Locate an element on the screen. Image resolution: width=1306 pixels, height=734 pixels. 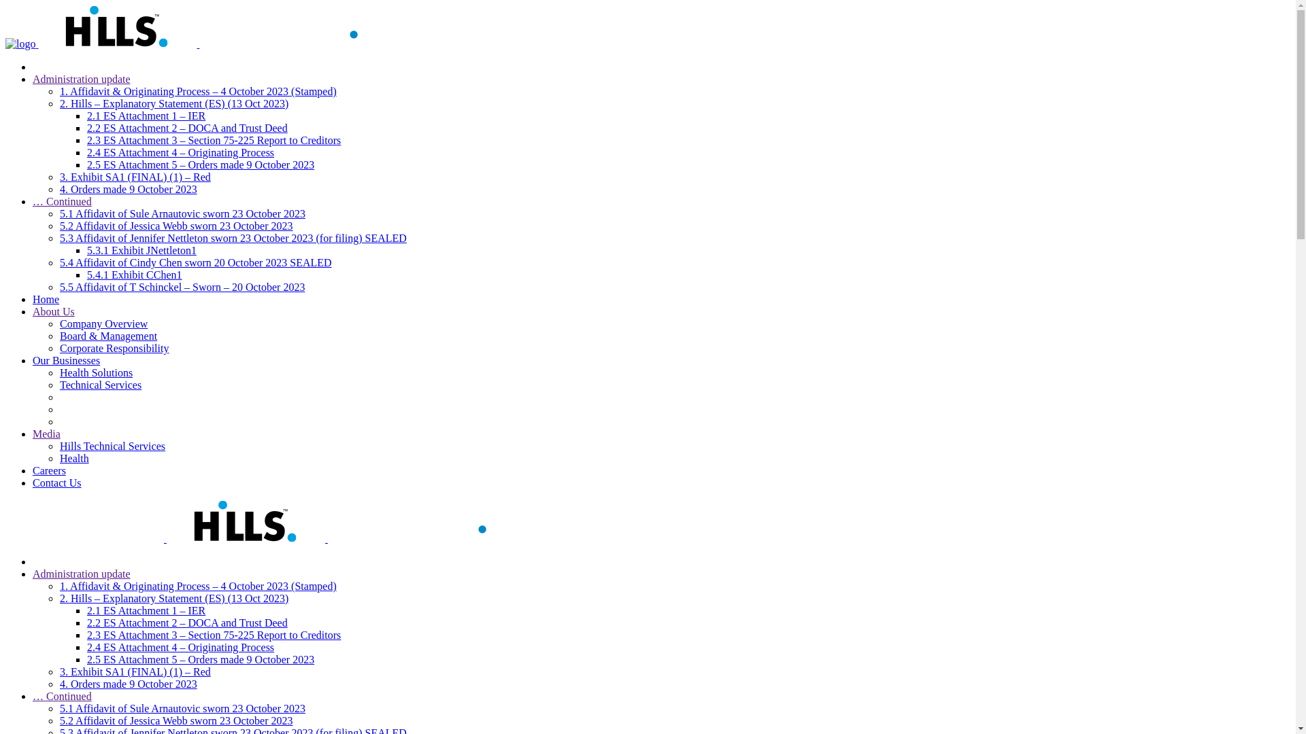
'Health Solutions' is located at coordinates (95, 372).